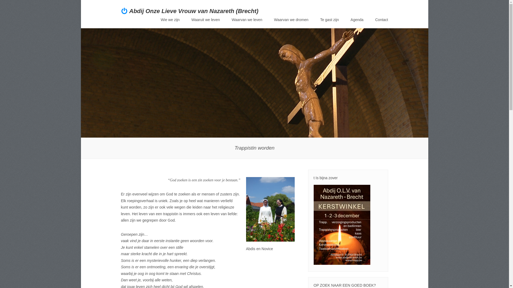  I want to click on 'Wie we zijn', so click(170, 19).